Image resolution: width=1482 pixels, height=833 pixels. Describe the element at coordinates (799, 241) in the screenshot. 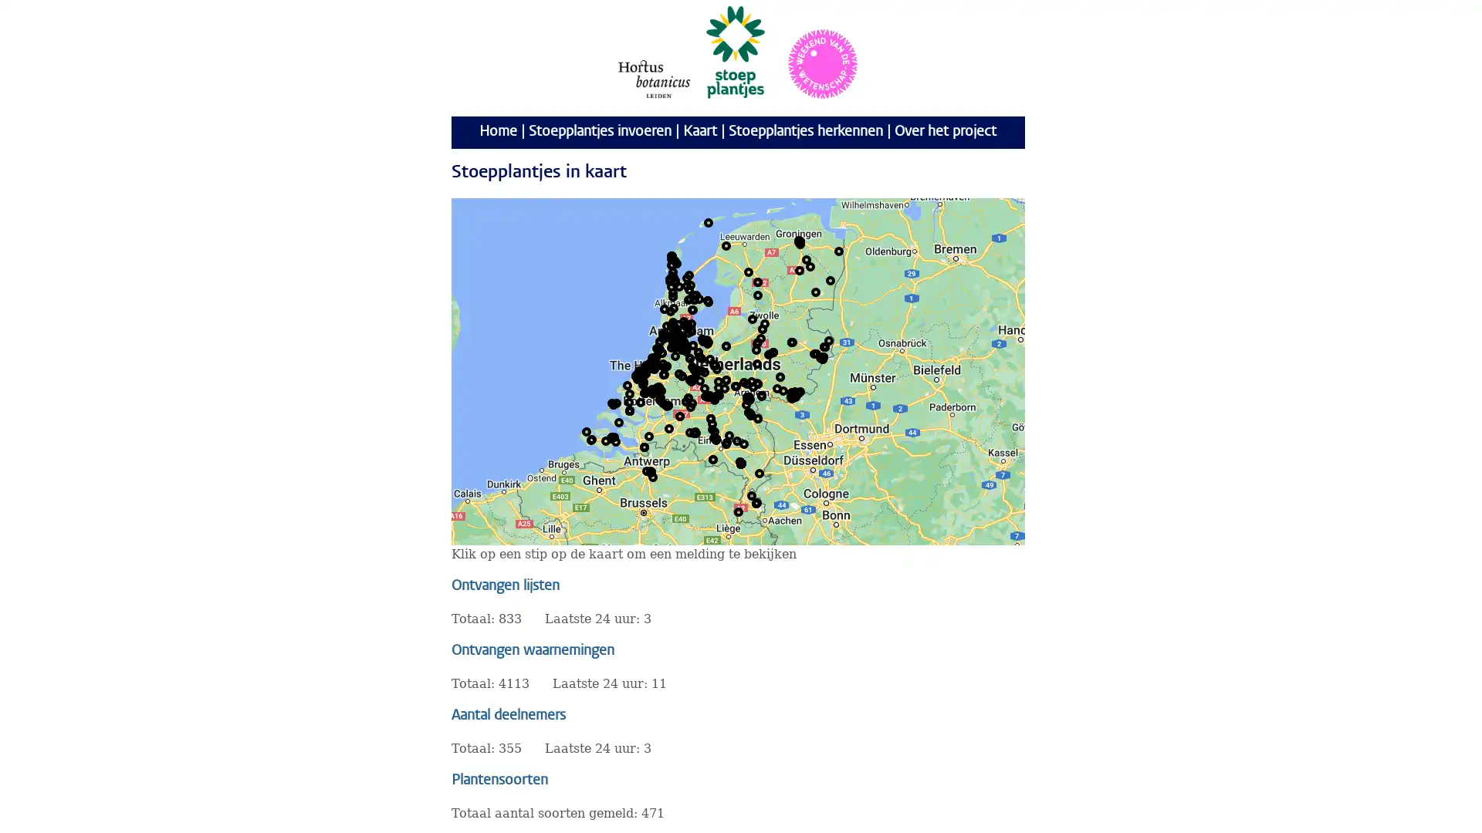

I see `Telling van Andre H op 24 oktober 2021` at that location.